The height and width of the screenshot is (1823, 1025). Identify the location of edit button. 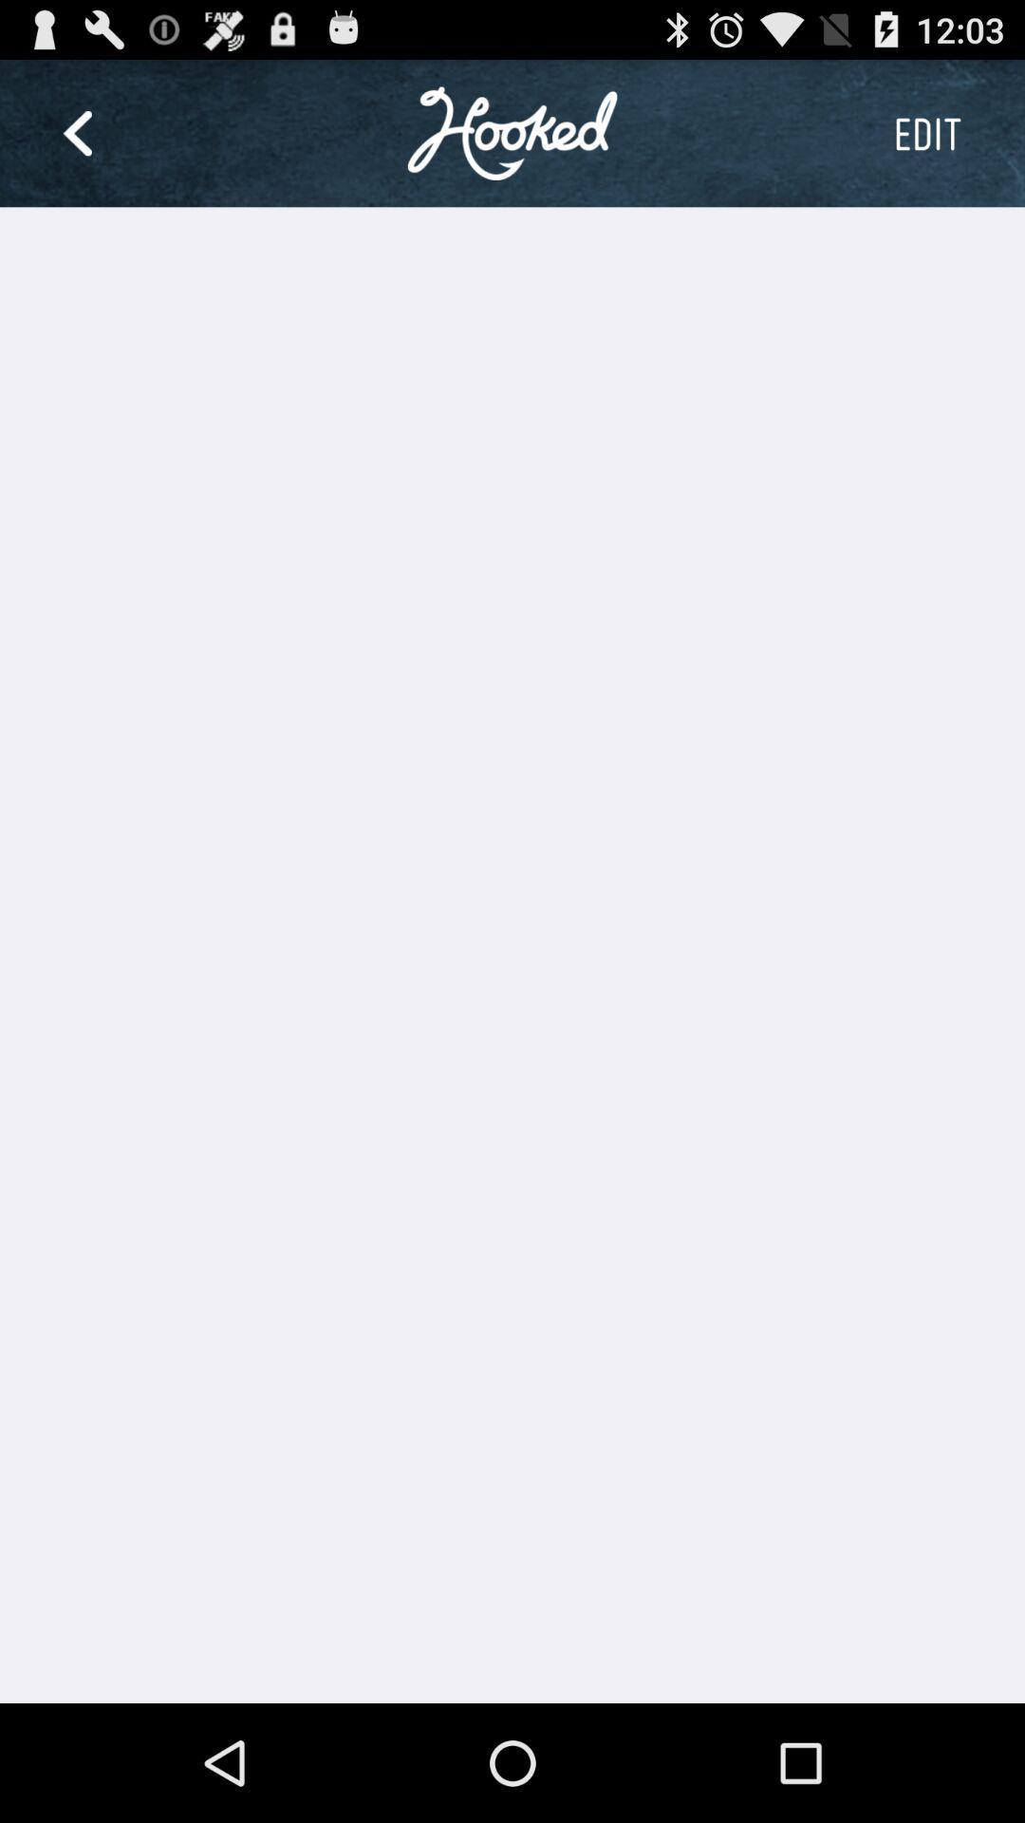
(926, 132).